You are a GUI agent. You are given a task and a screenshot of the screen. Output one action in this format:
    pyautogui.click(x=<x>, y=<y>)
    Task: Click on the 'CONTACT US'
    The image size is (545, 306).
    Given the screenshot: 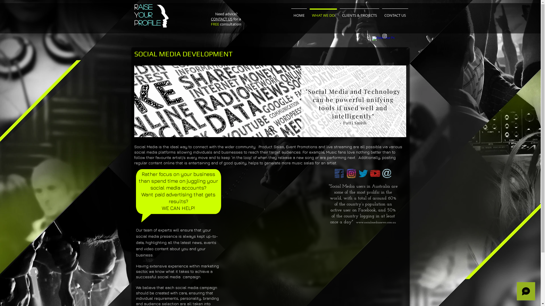 What is the action you would take?
    pyautogui.click(x=221, y=18)
    